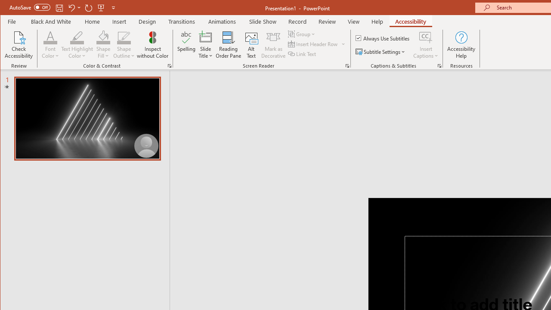 This screenshot has height=310, width=551. Describe the element at coordinates (303, 54) in the screenshot. I see `'Link Text'` at that location.